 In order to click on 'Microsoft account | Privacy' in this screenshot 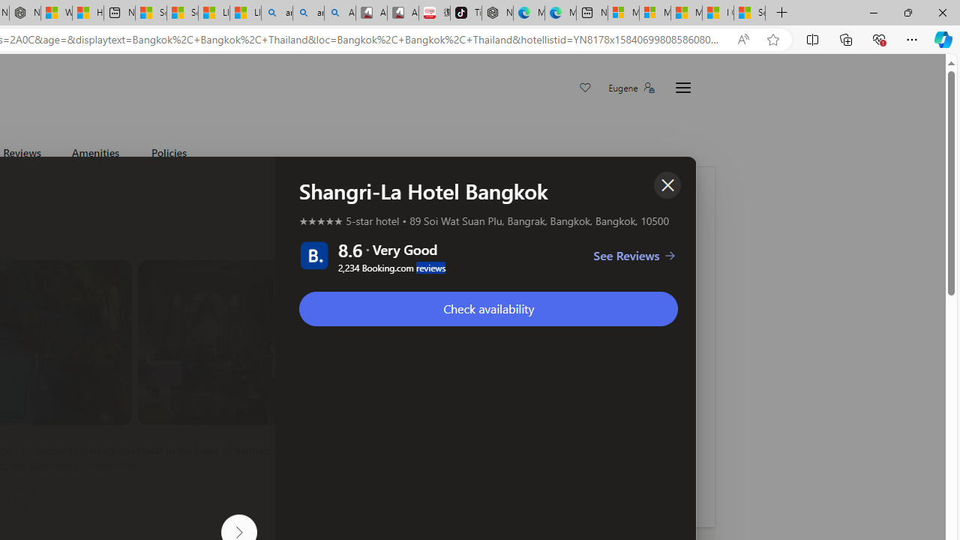, I will do `click(654, 13)`.